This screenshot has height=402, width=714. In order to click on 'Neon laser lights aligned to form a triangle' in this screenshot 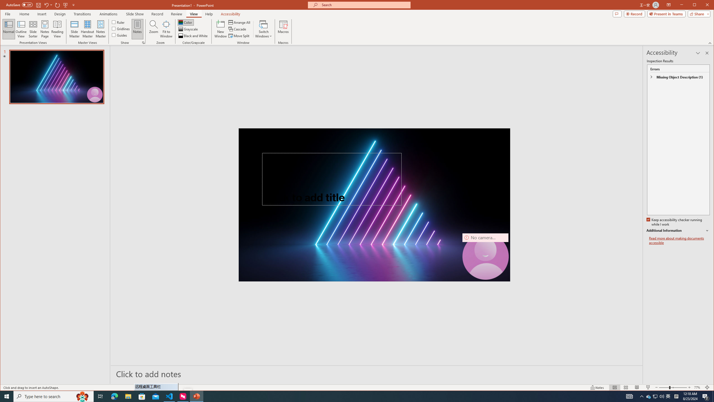, I will do `click(374, 204)`.